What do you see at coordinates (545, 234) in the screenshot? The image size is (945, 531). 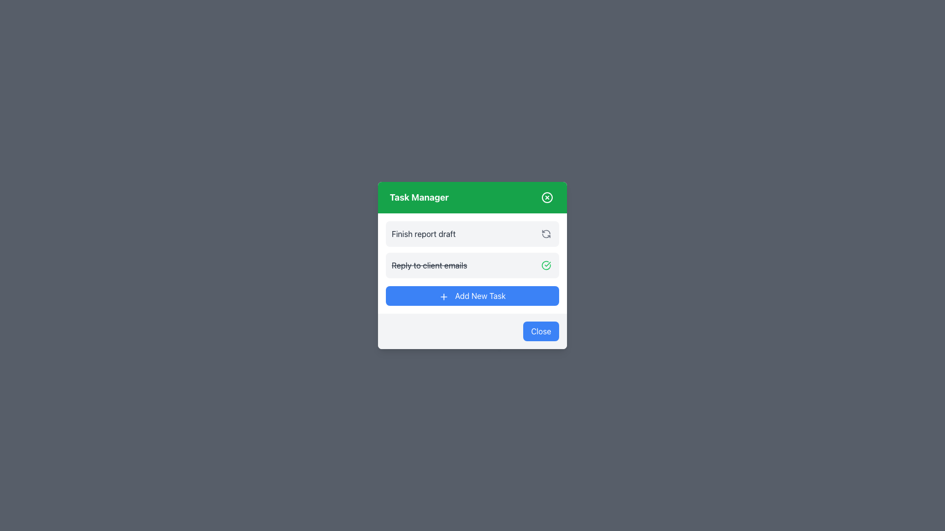 I see `the small gray circular arrow icon representing a refresh action adjacent to the task labeled 'Finish report draft'` at bounding box center [545, 234].